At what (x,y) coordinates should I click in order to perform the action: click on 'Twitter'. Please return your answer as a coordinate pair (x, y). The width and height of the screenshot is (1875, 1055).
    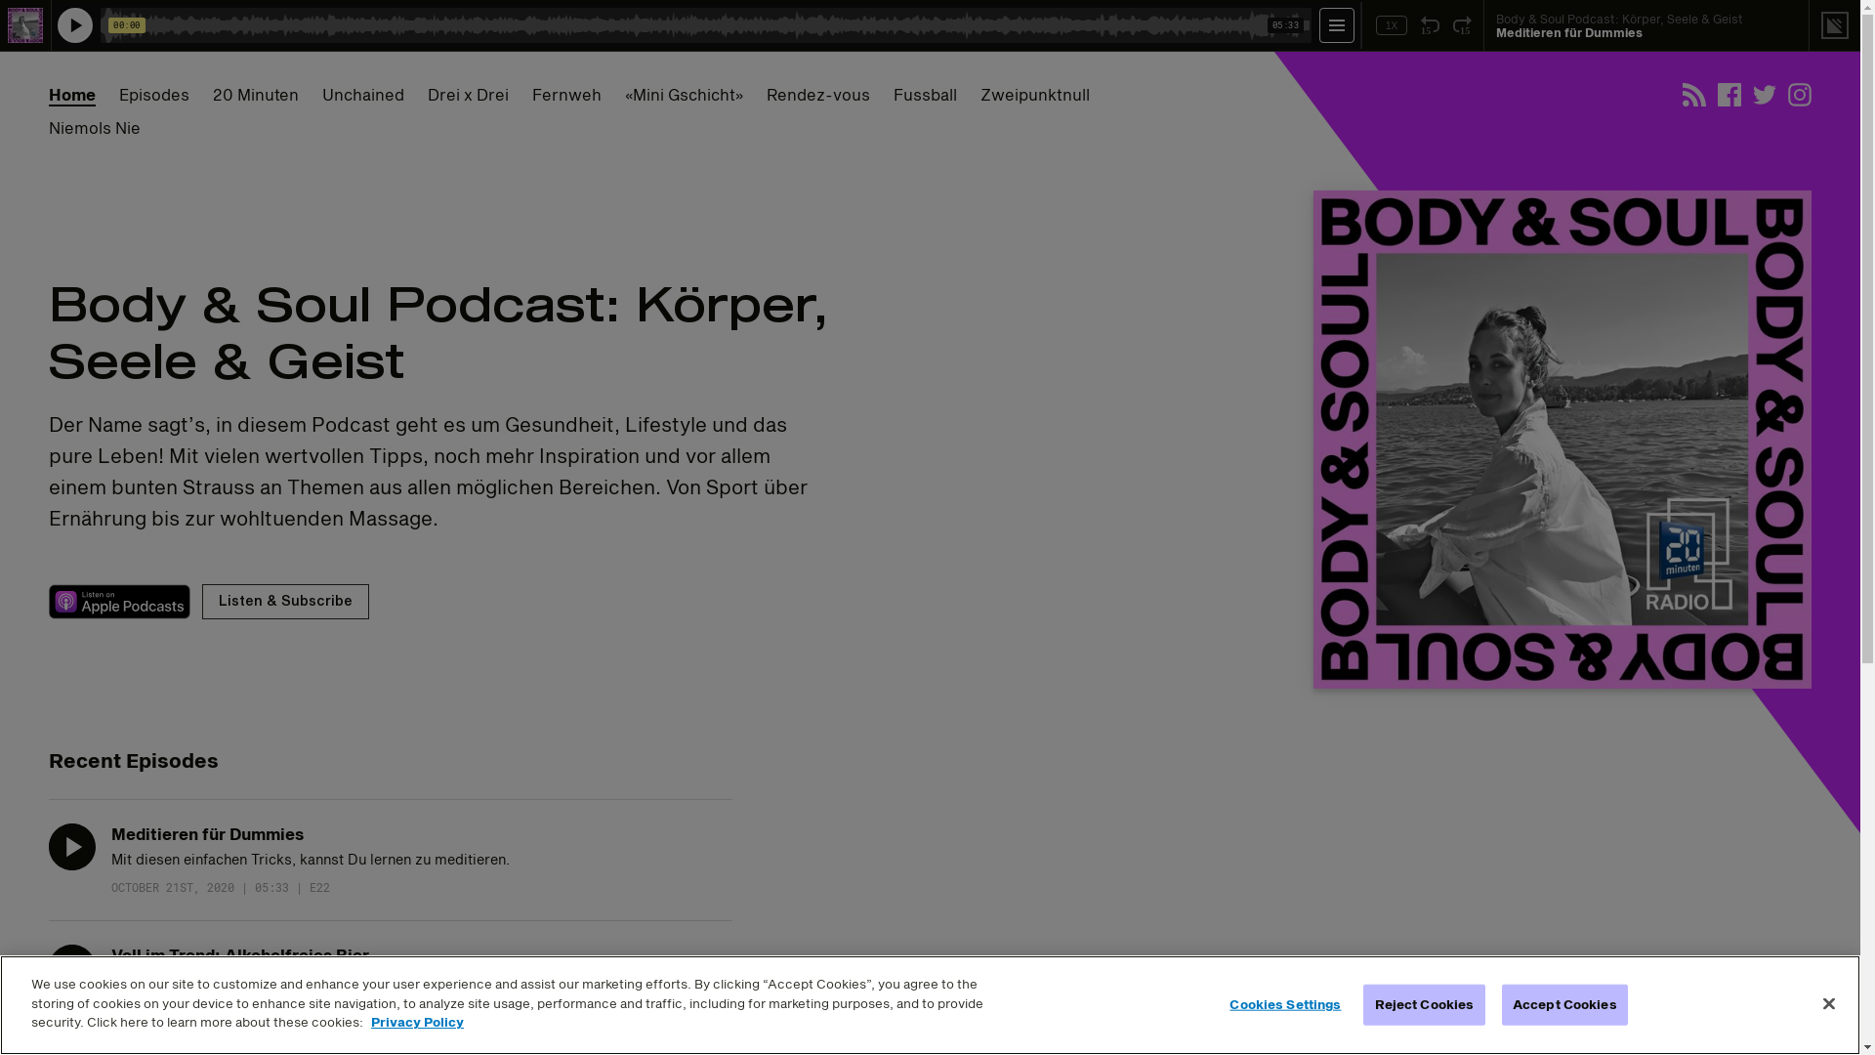
    Looking at the image, I should click on (1764, 94).